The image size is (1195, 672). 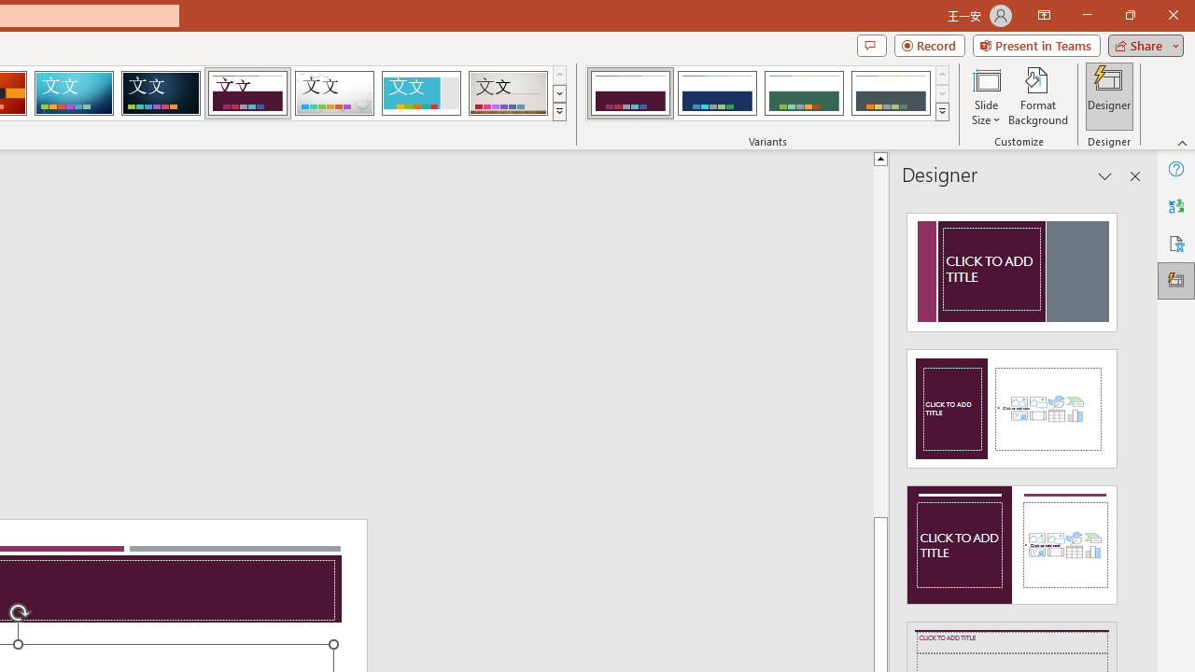 What do you see at coordinates (1011, 267) in the screenshot?
I see `'Recommended Design: Design Idea'` at bounding box center [1011, 267].